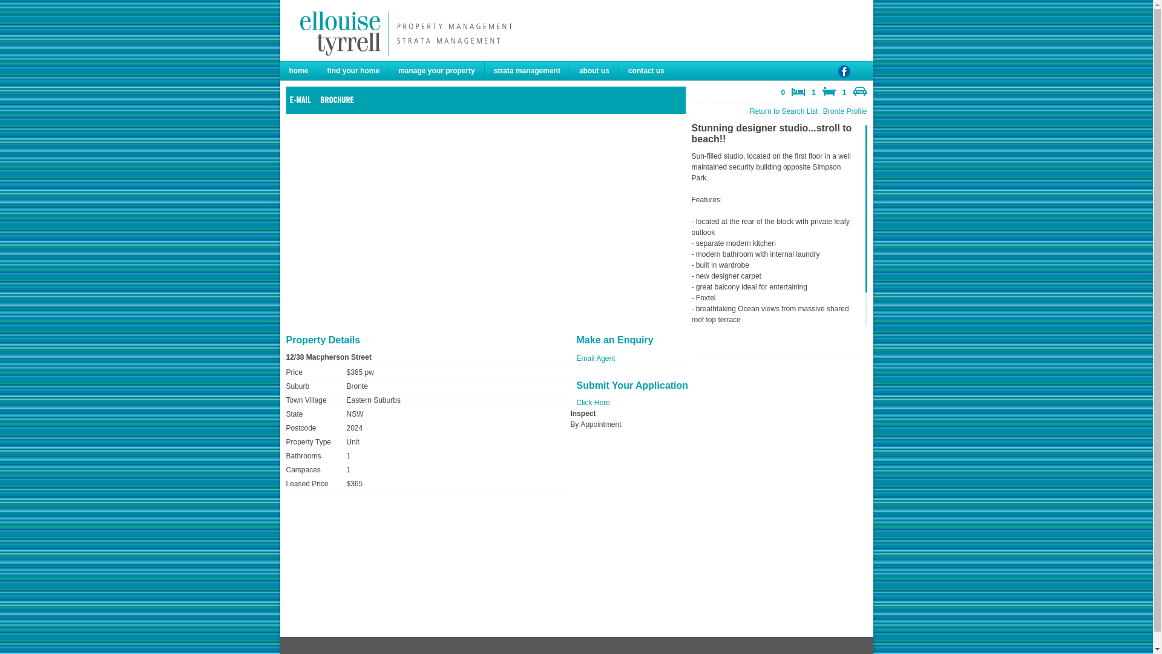 Image resolution: width=1162 pixels, height=654 pixels. Describe the element at coordinates (298, 70) in the screenshot. I see `'home'` at that location.